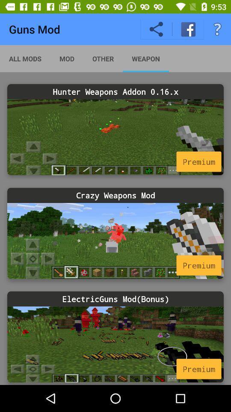 The image size is (231, 412). What do you see at coordinates (103, 58) in the screenshot?
I see `other app` at bounding box center [103, 58].